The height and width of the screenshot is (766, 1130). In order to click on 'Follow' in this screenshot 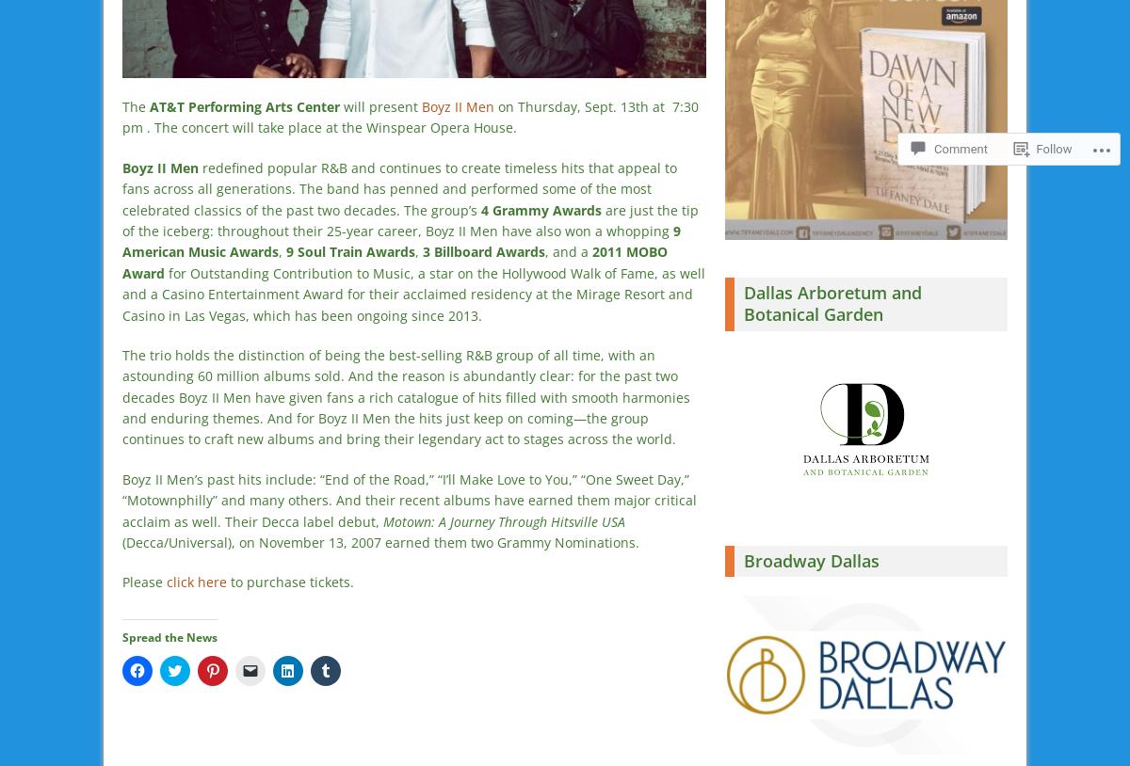, I will do `click(1053, 148)`.